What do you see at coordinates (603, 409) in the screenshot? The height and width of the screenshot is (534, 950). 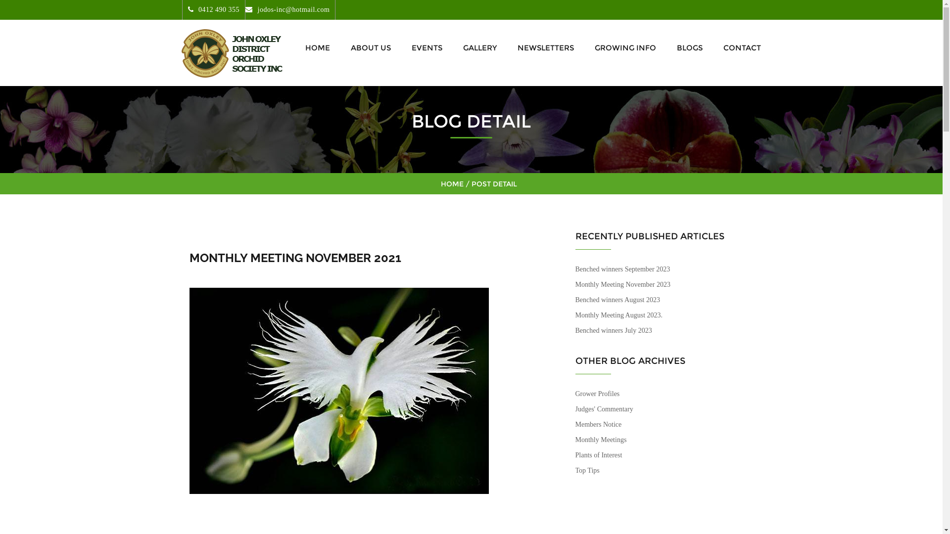 I see `'Judges' Commentary'` at bounding box center [603, 409].